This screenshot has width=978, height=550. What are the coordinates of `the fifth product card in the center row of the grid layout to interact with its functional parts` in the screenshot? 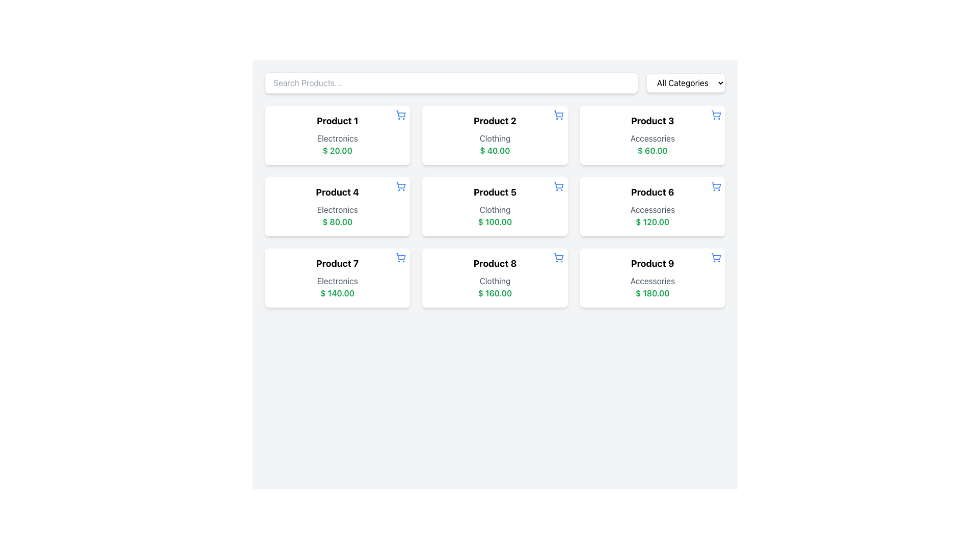 It's located at (495, 206).